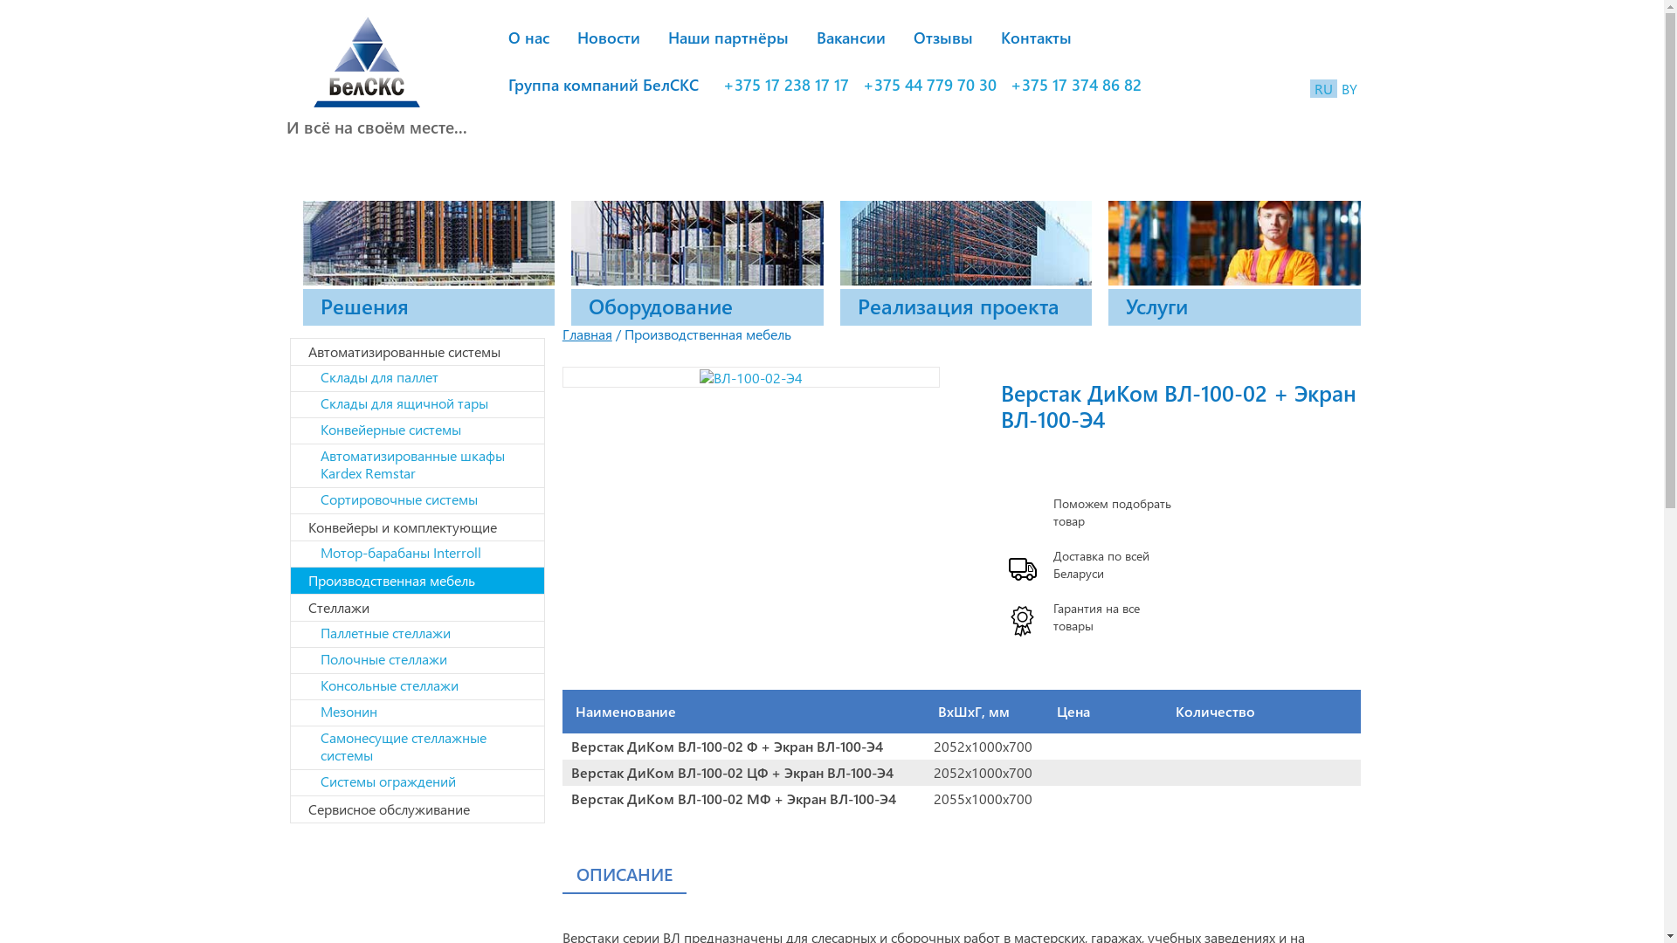 The height and width of the screenshot is (943, 1677). What do you see at coordinates (928, 84) in the screenshot?
I see `'+375 44 779 70 30'` at bounding box center [928, 84].